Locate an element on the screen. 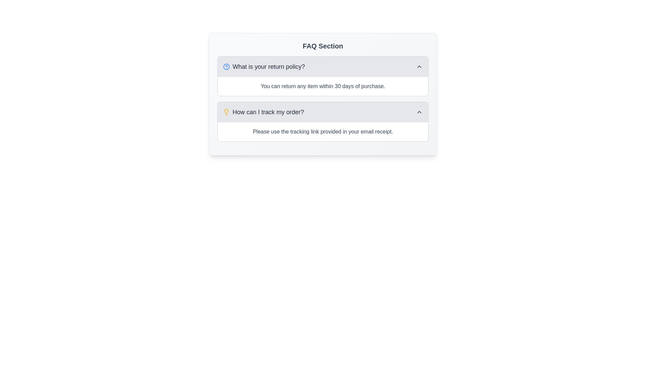 This screenshot has height=366, width=652. the Text Display element that contains the string 'What is your return policy?' in the FAQ section is located at coordinates (268, 66).